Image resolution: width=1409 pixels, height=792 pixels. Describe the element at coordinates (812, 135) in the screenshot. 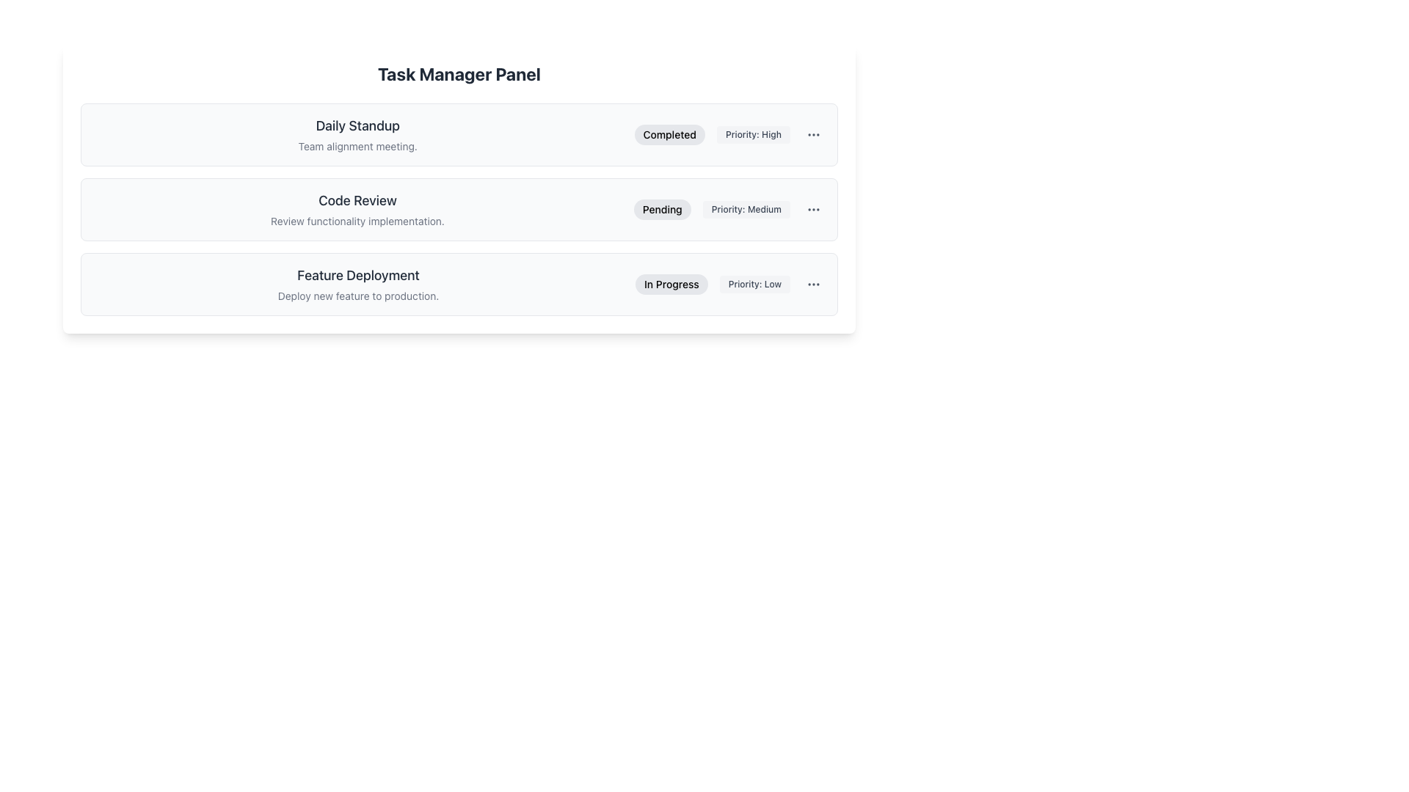

I see `the circular button with three horizontally aligned gray dots located in the topmost card of the Task Manager Panel, adjacent to the 'Priority: High' label` at that location.